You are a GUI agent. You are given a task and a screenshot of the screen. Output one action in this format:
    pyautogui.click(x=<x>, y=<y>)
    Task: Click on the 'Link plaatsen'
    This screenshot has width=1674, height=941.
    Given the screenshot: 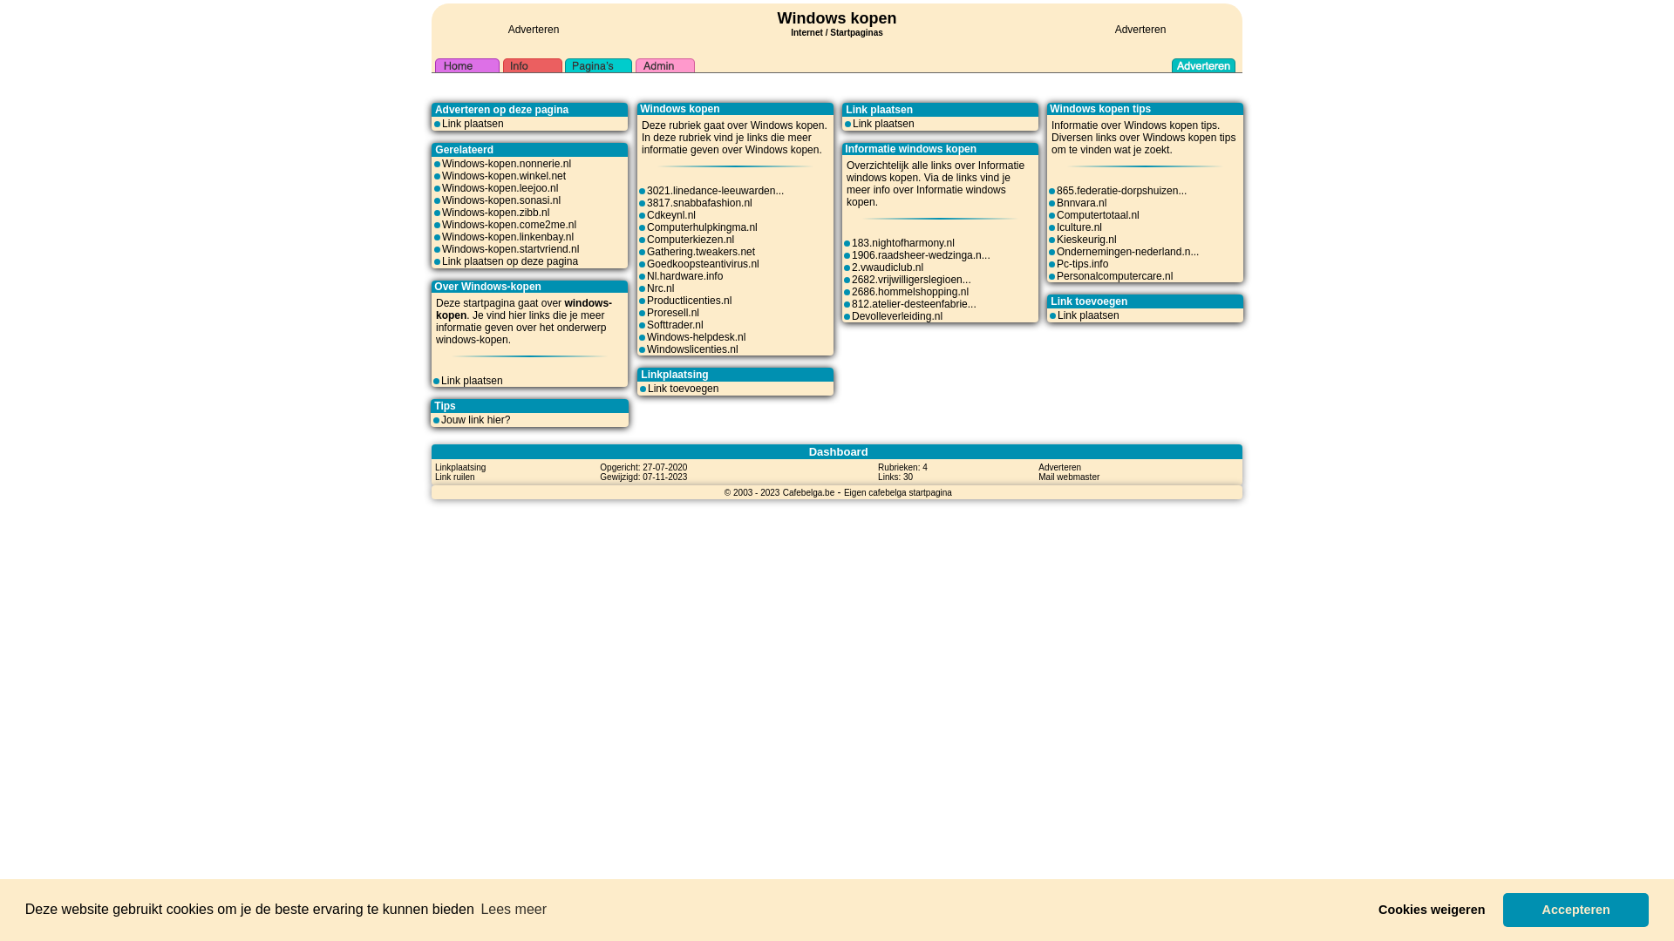 What is the action you would take?
    pyautogui.click(x=883, y=123)
    